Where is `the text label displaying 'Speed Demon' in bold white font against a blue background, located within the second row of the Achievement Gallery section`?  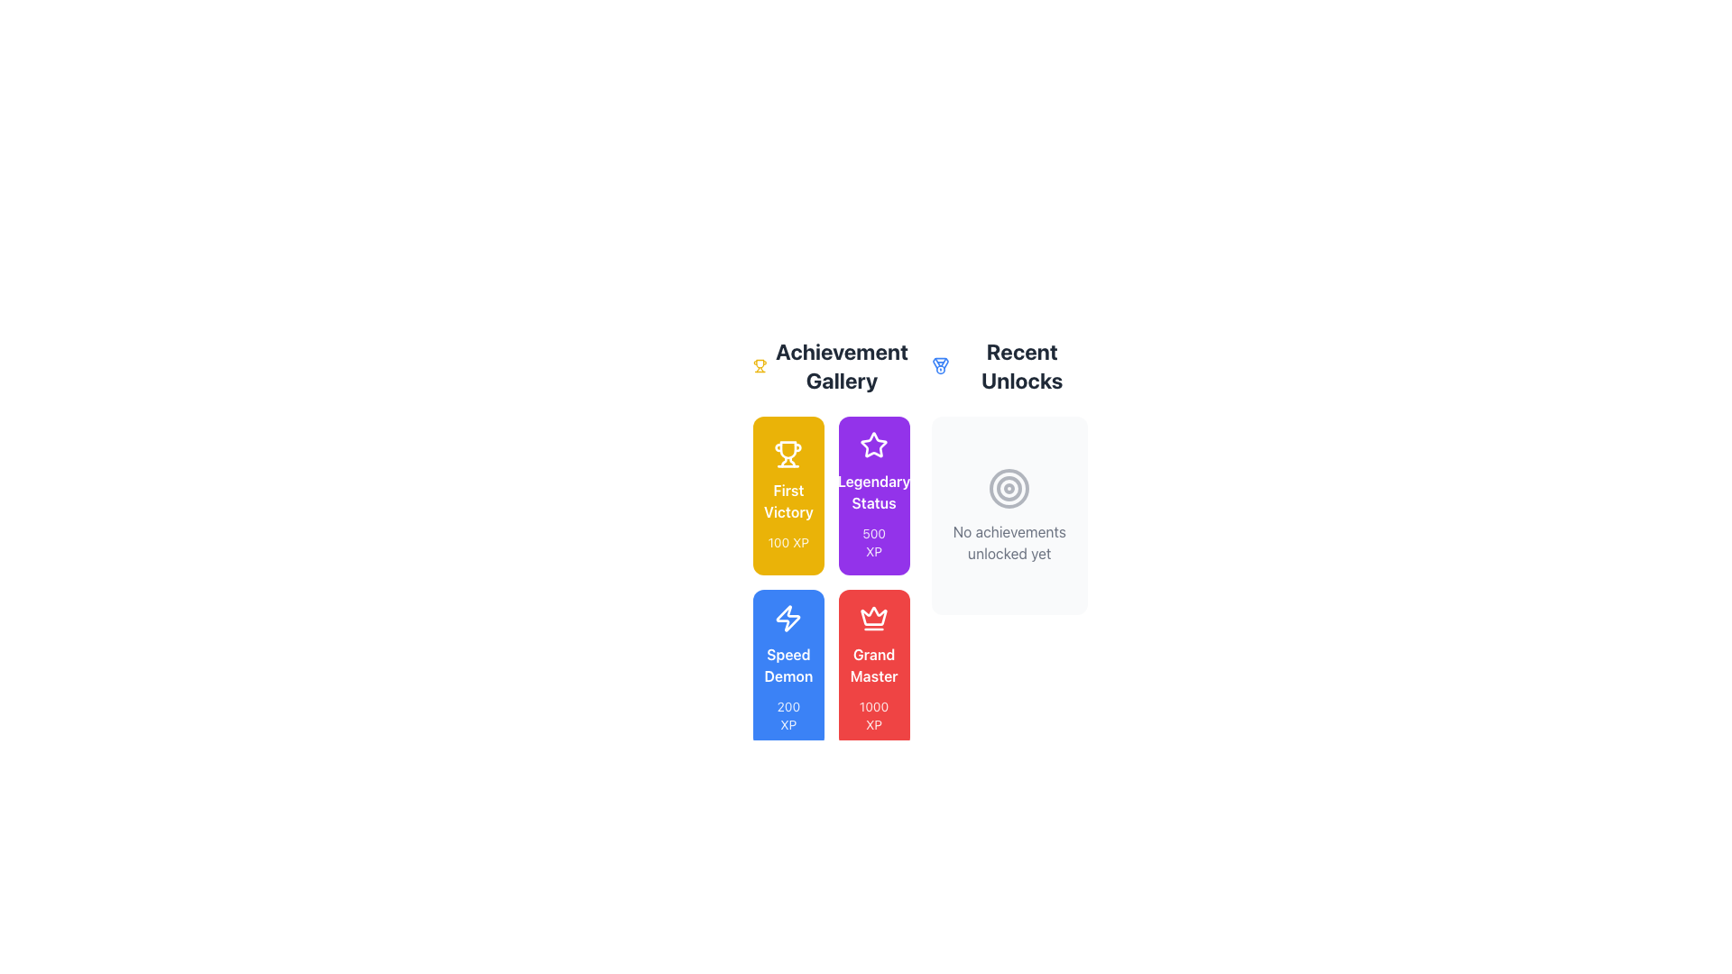
the text label displaying 'Speed Demon' in bold white font against a blue background, located within the second row of the Achievement Gallery section is located at coordinates (788, 665).